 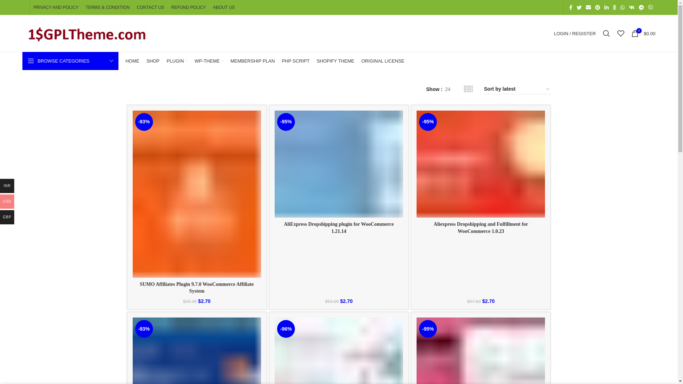 What do you see at coordinates (281, 61) in the screenshot?
I see `'PHP SCRIPT'` at bounding box center [281, 61].